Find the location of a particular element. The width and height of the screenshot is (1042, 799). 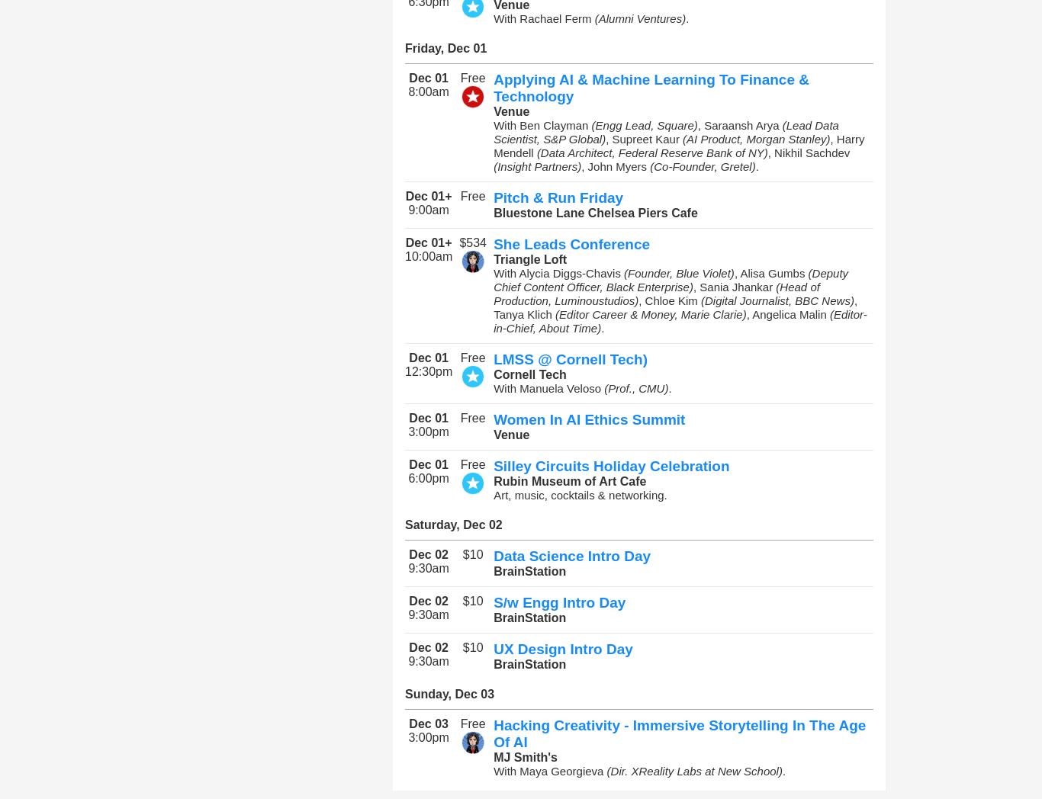

'$534' is located at coordinates (472, 242).